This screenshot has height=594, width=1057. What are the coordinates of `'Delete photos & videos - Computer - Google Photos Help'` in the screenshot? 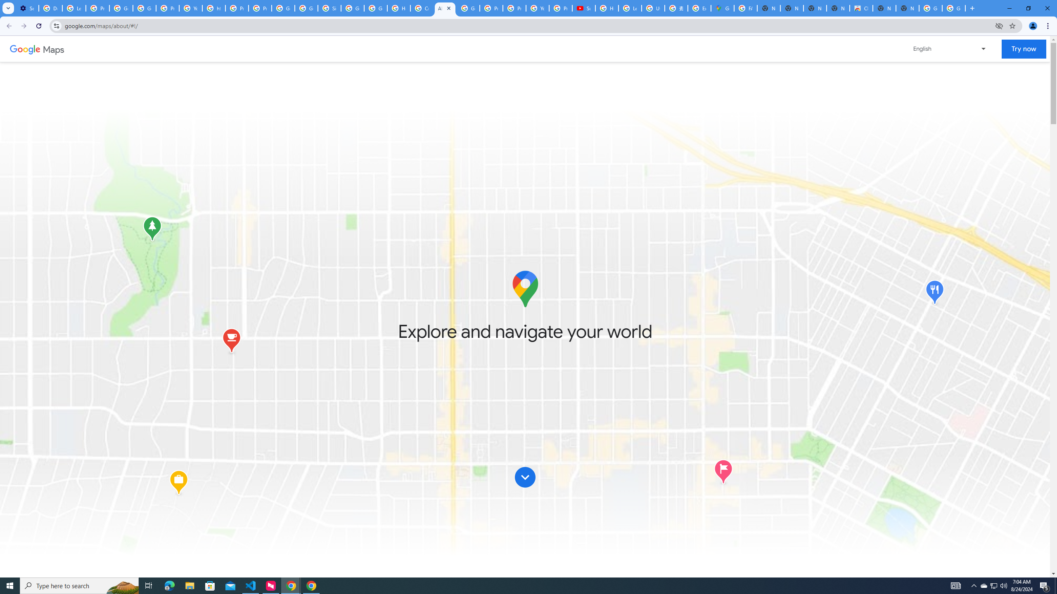 It's located at (50, 8).